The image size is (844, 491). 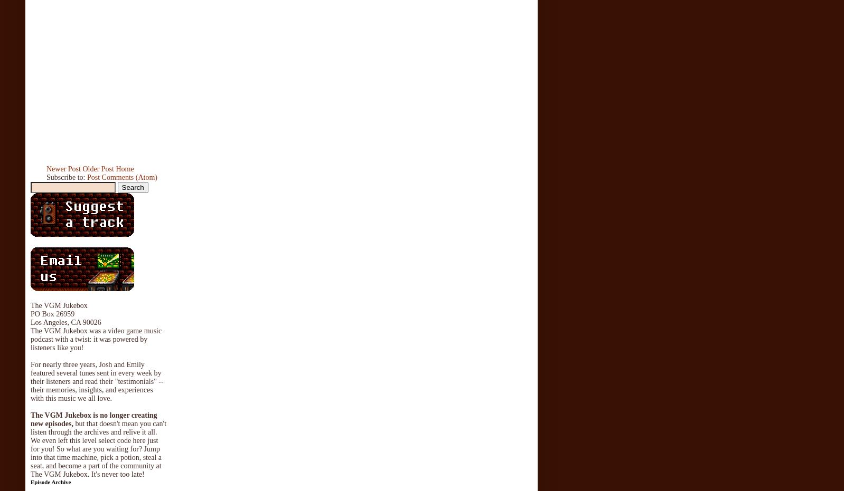 What do you see at coordinates (96, 380) in the screenshot?
I see `'For nearly three years, Josh and Emily featured several tunes sent in every week by their listeners and read their "testimonials" -- their memories,  insights, and experiences with this music we all love.'` at bounding box center [96, 380].